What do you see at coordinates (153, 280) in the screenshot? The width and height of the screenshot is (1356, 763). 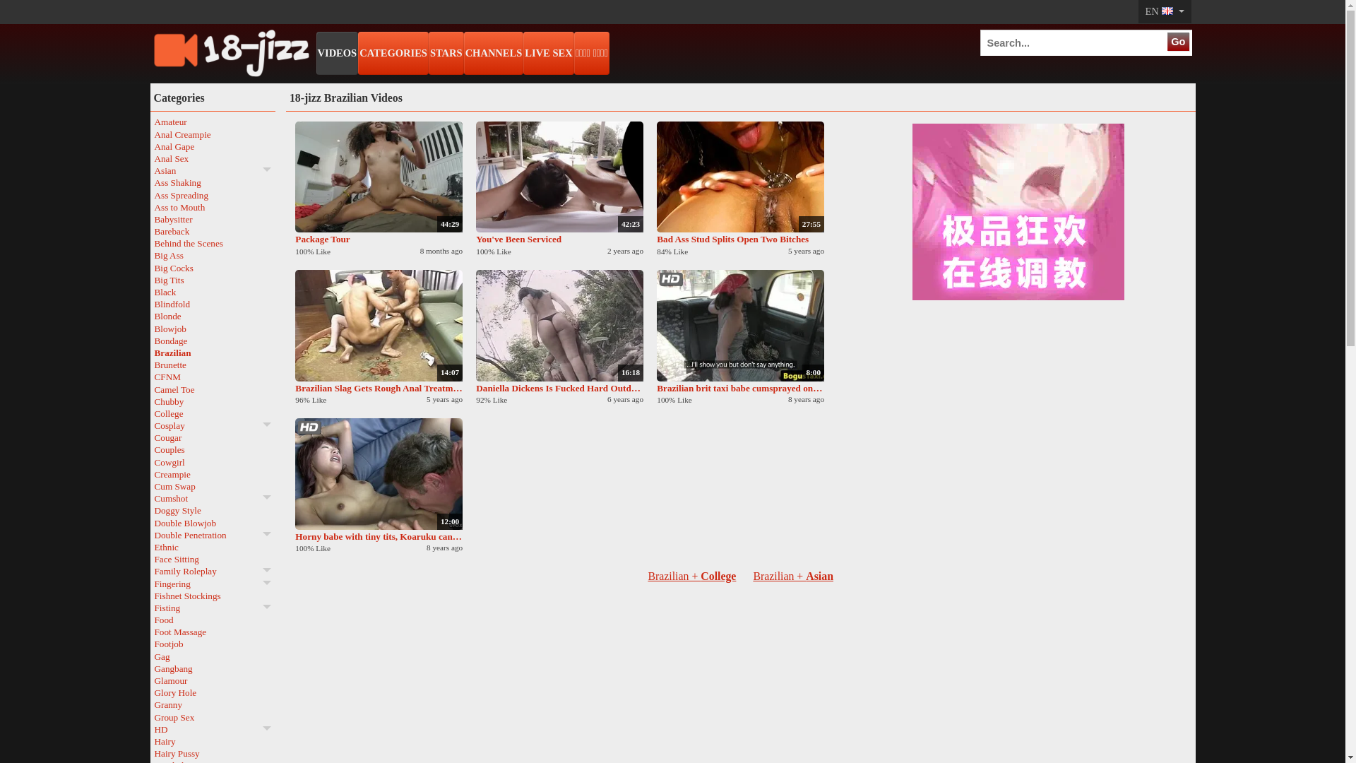 I see `'Big Tits'` at bounding box center [153, 280].